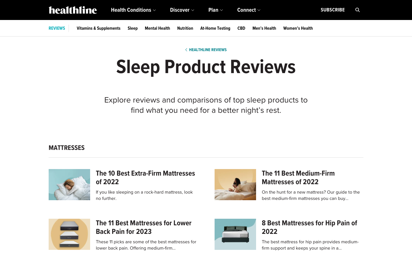  Describe the element at coordinates (185, 28) in the screenshot. I see `Explore more articles related to Nutrition` at that location.